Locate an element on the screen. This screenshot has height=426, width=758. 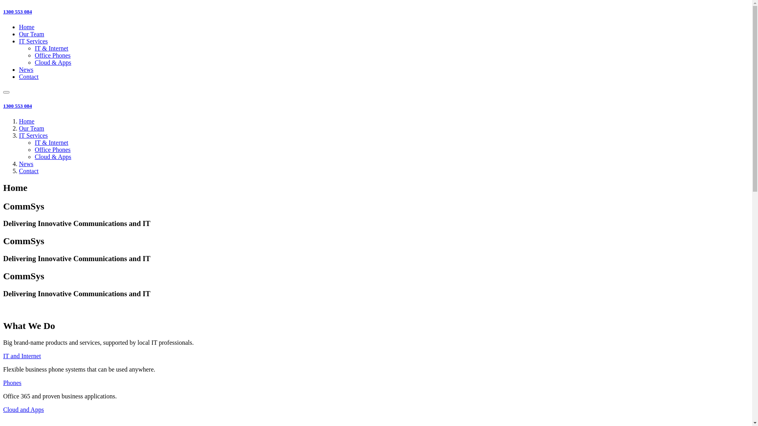
'IT Services' is located at coordinates (33, 41).